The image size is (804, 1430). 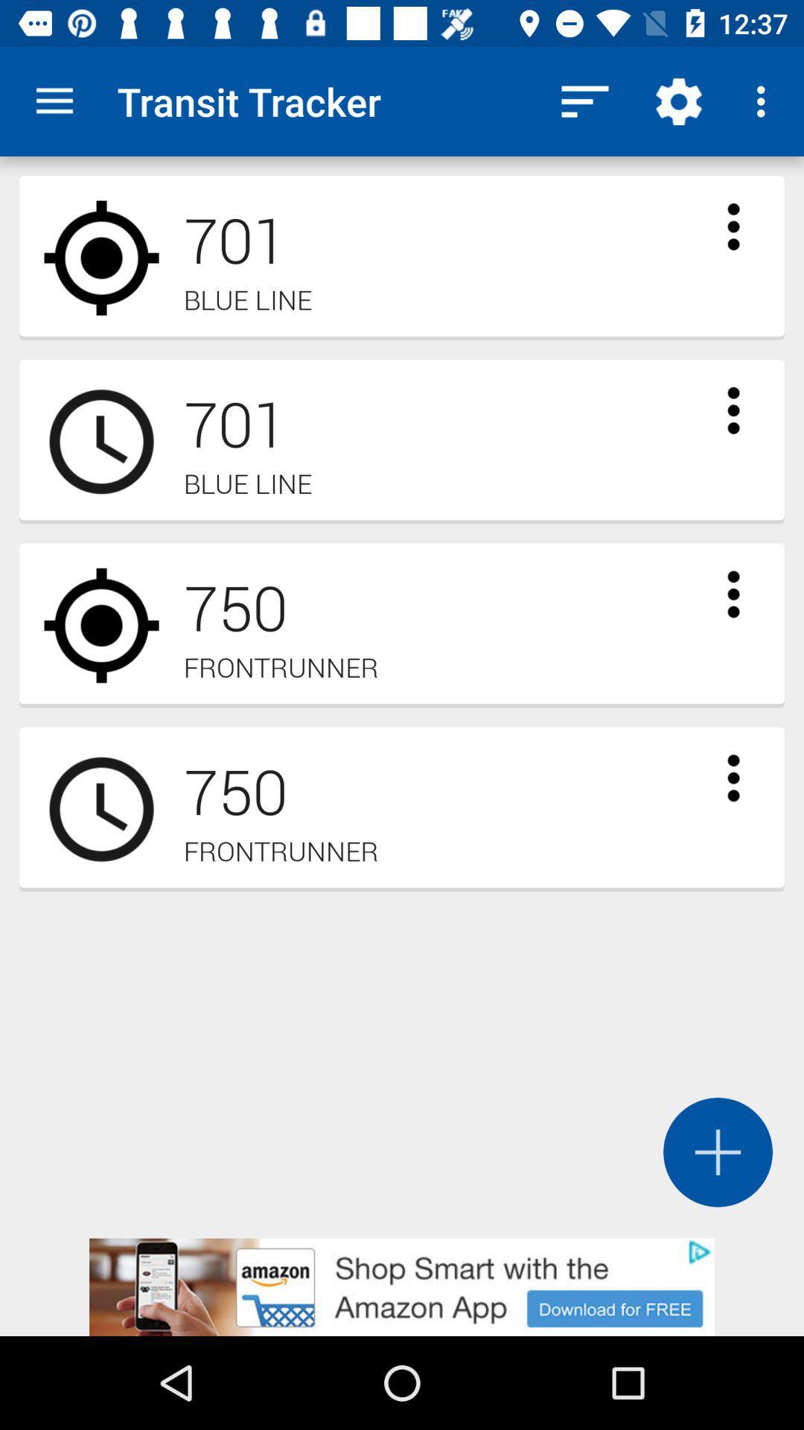 What do you see at coordinates (733, 410) in the screenshot?
I see `open the menu` at bounding box center [733, 410].